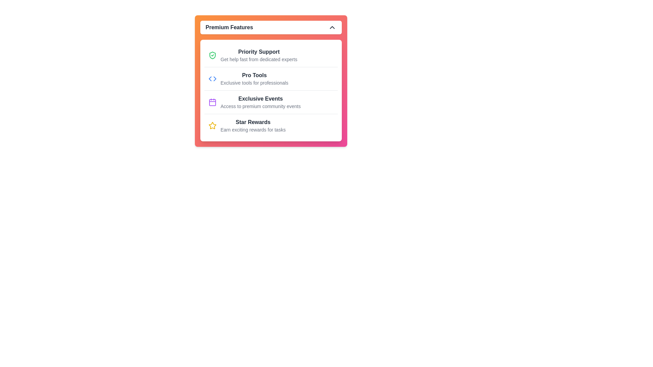  I want to click on the Text Label stating 'Access to premium community events', which is styled as secondary information beneath the primary heading 'Exclusive Events', so click(260, 106).